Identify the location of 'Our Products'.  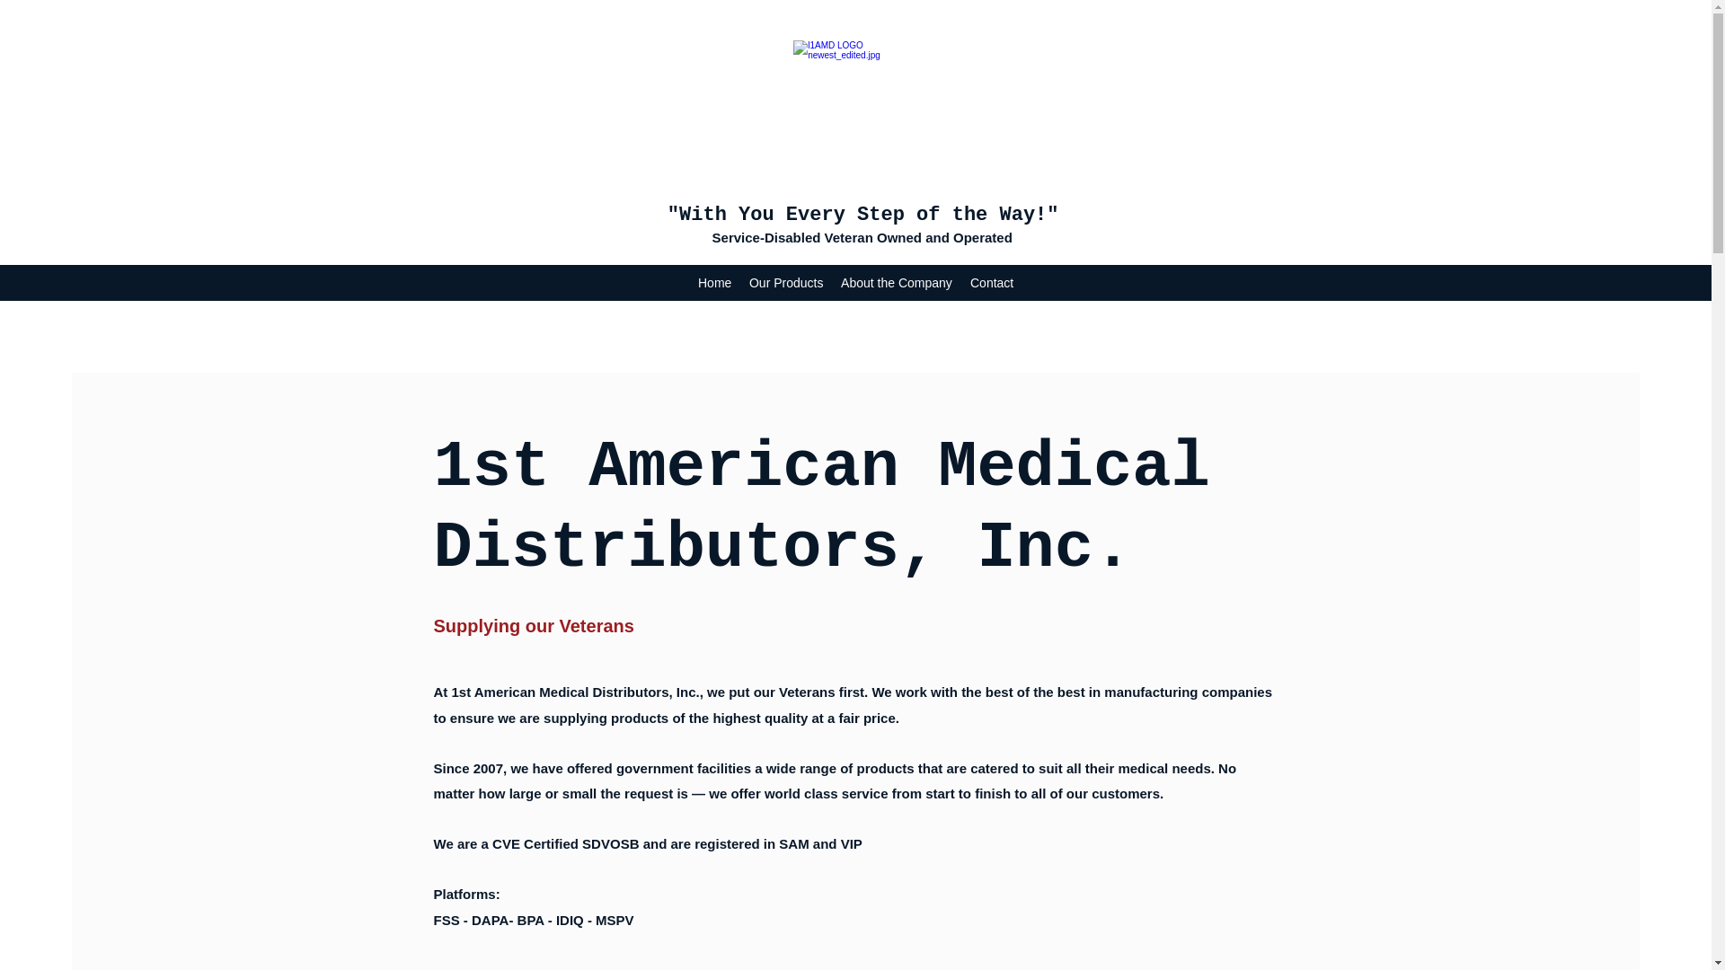
(785, 283).